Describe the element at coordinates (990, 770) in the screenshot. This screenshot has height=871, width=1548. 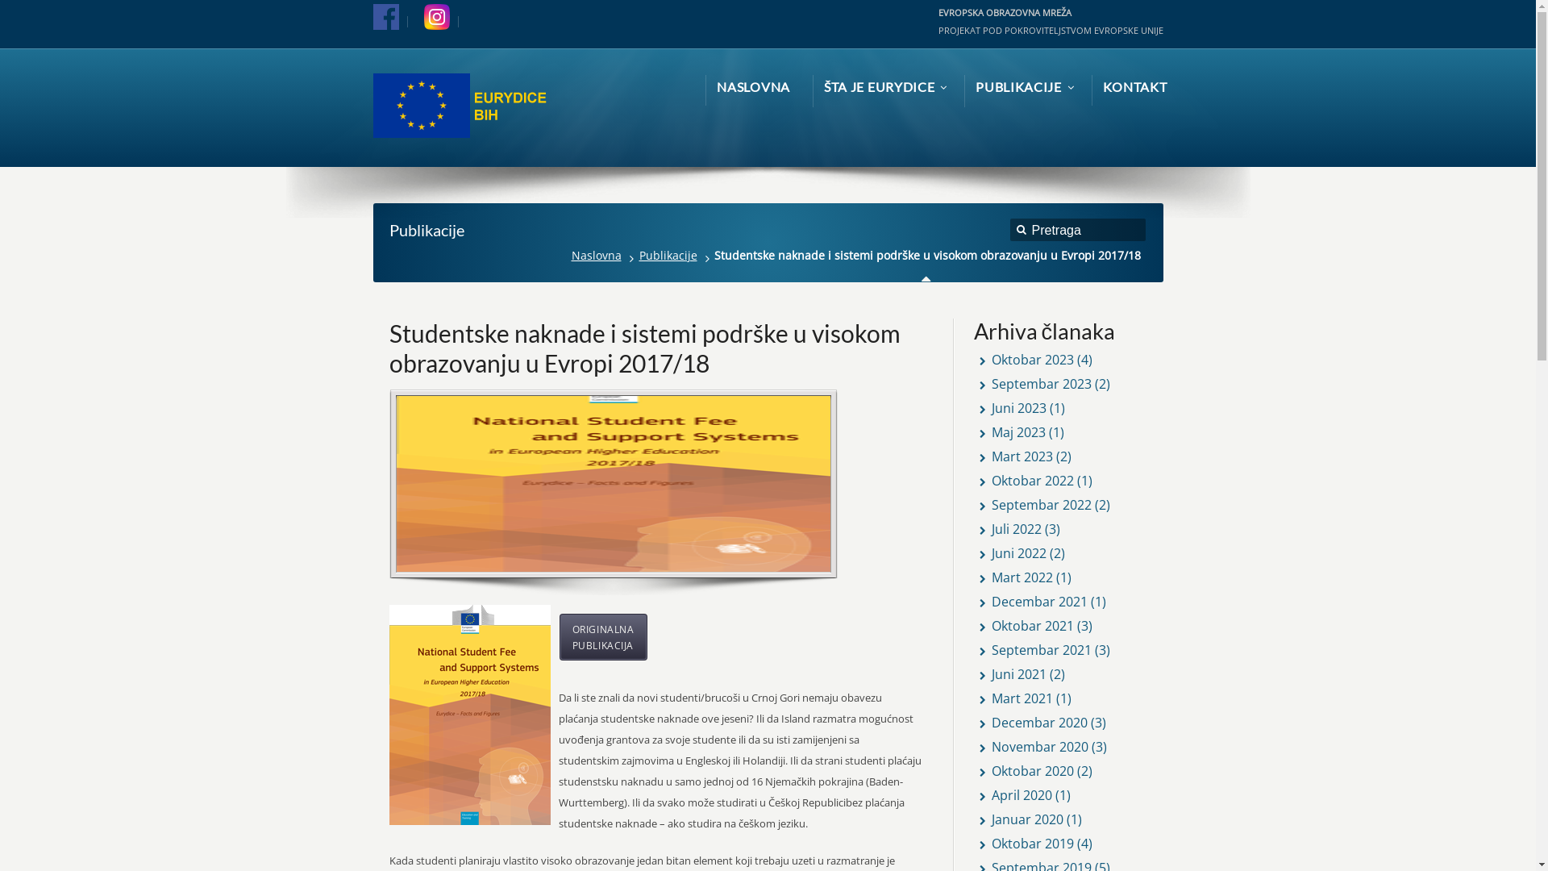
I see `'Oktobar 2020'` at that location.